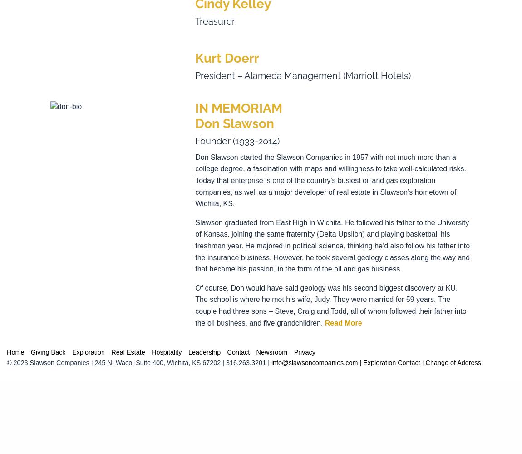 The height and width of the screenshot is (454, 522). I want to click on 'Of course, Don would have said geology was his second biggest discovery at KU. The school is where he met his wife, Judy. They were married for 59 years. The couple had three sons – Steve, Craig and Todd, all of whom followed their father into the oil business, and five grandchildren.', so click(330, 305).